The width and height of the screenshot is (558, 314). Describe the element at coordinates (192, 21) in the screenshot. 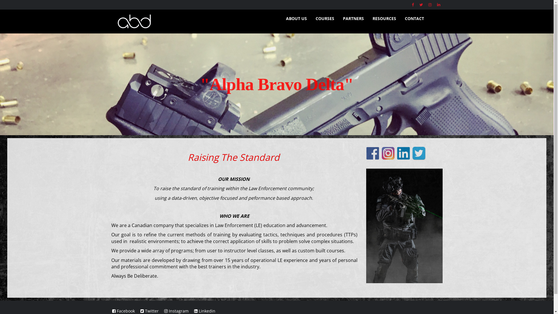

I see `'ABD Concepts.ca'` at that location.